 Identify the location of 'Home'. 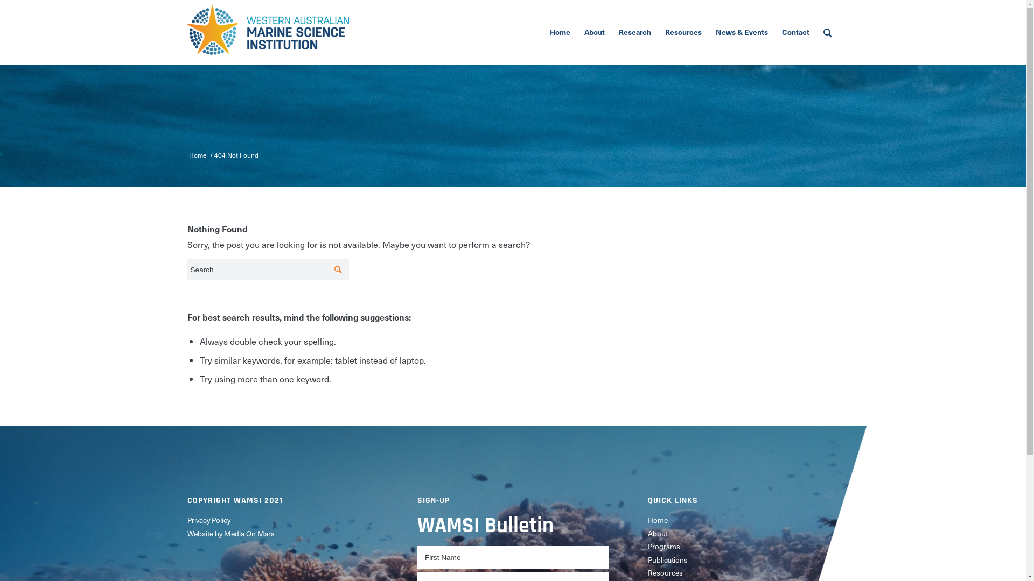
(198, 155).